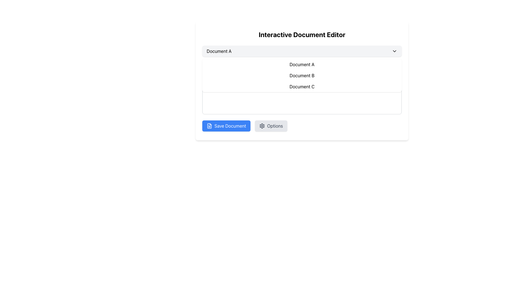  I want to click on an option from the dropdown menu labeled 'Document A', which is horizontally aligned with a downward-facing arrow indicating it can be expanded, so click(301, 51).